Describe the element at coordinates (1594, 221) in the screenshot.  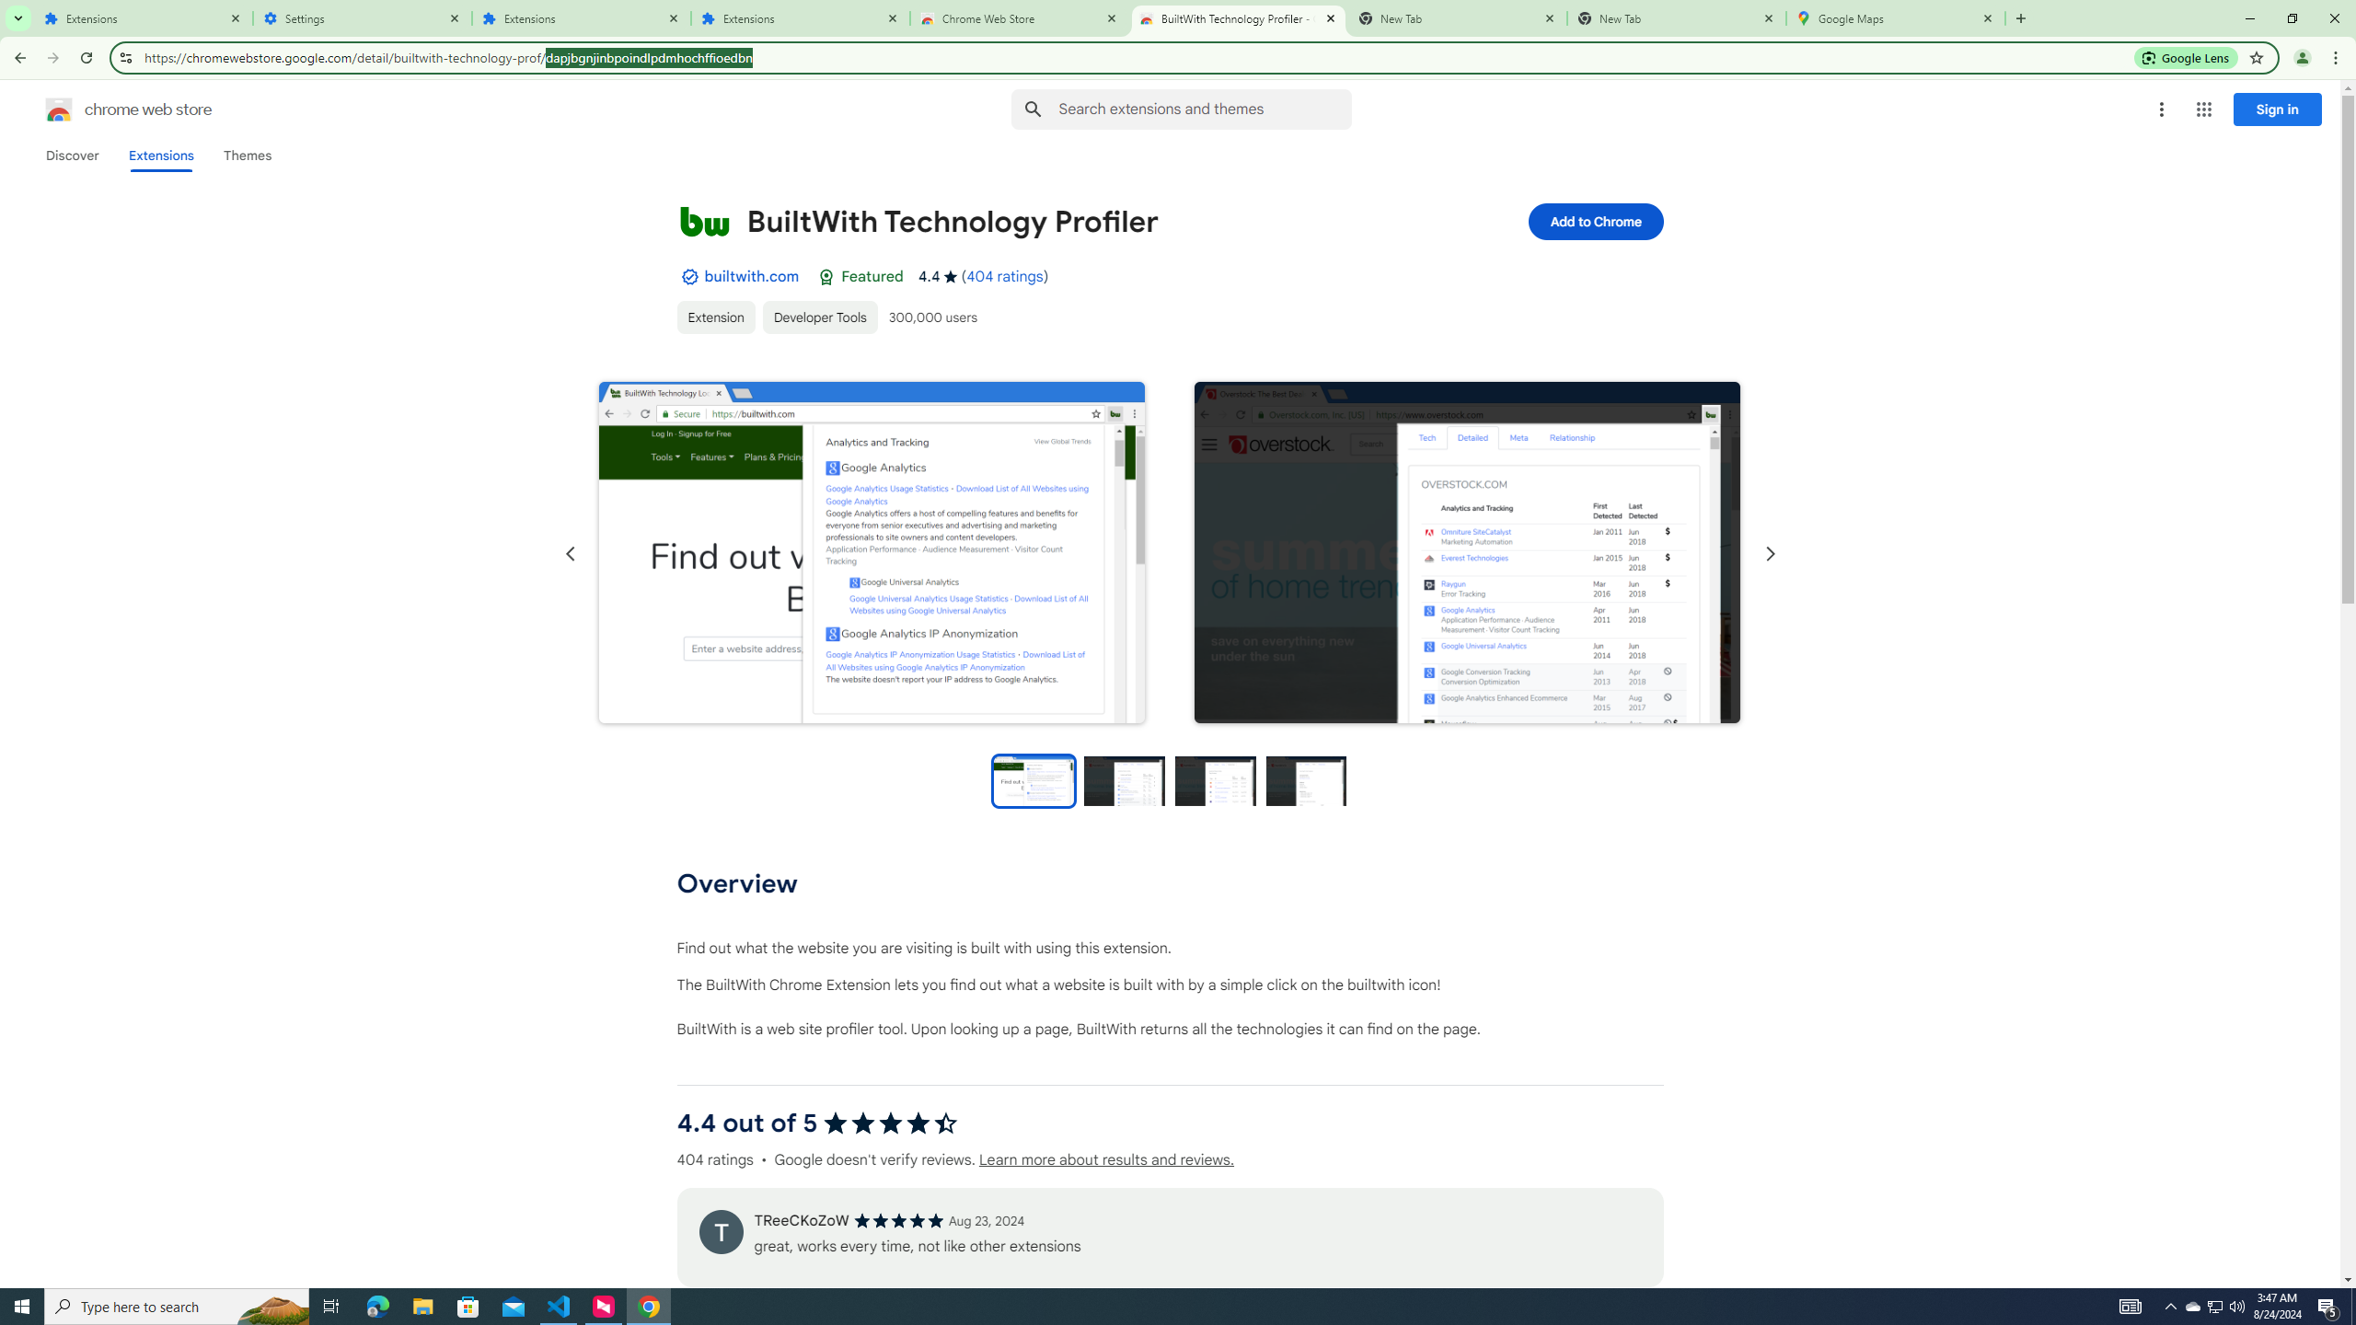
I see `'Add to Chrome'` at that location.